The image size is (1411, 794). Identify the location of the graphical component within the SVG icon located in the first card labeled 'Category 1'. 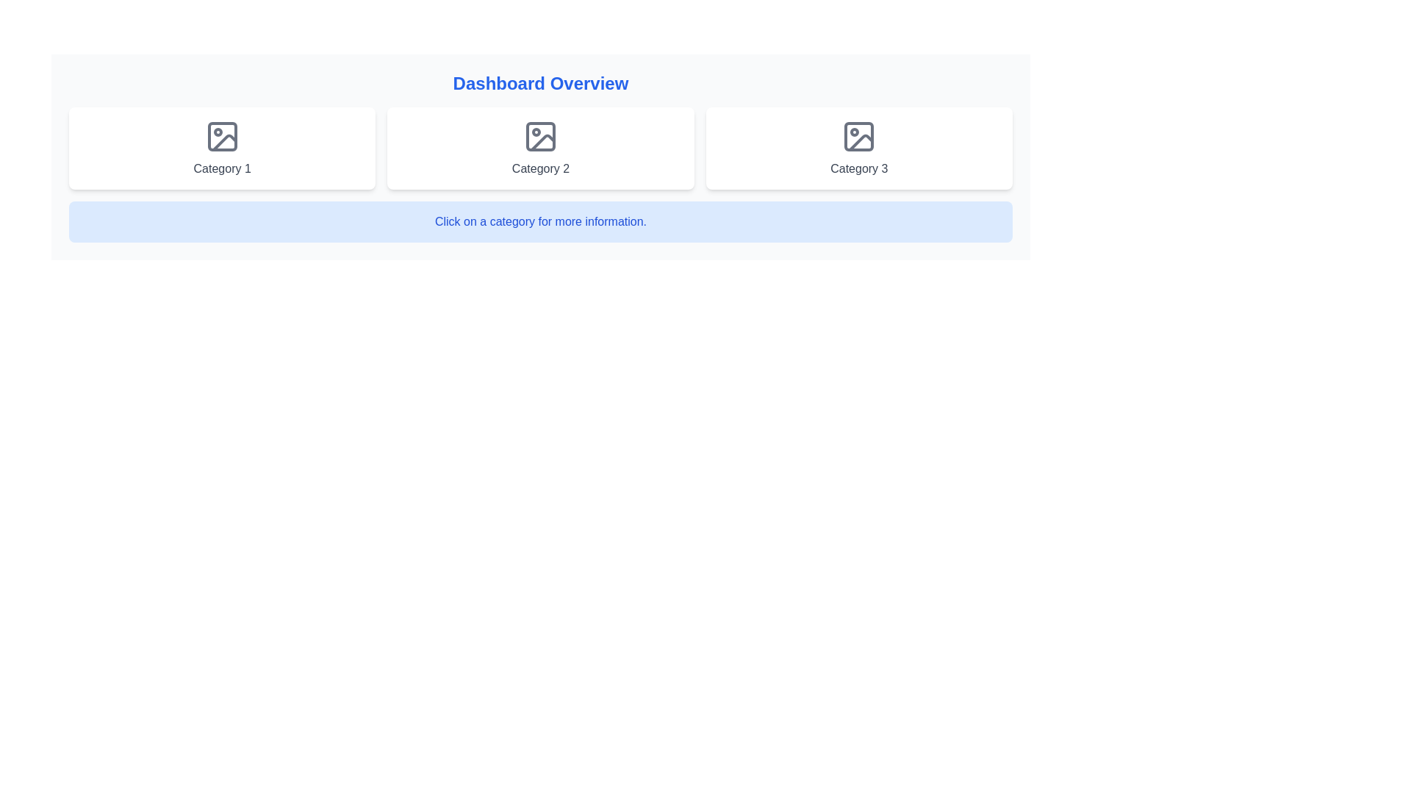
(221, 136).